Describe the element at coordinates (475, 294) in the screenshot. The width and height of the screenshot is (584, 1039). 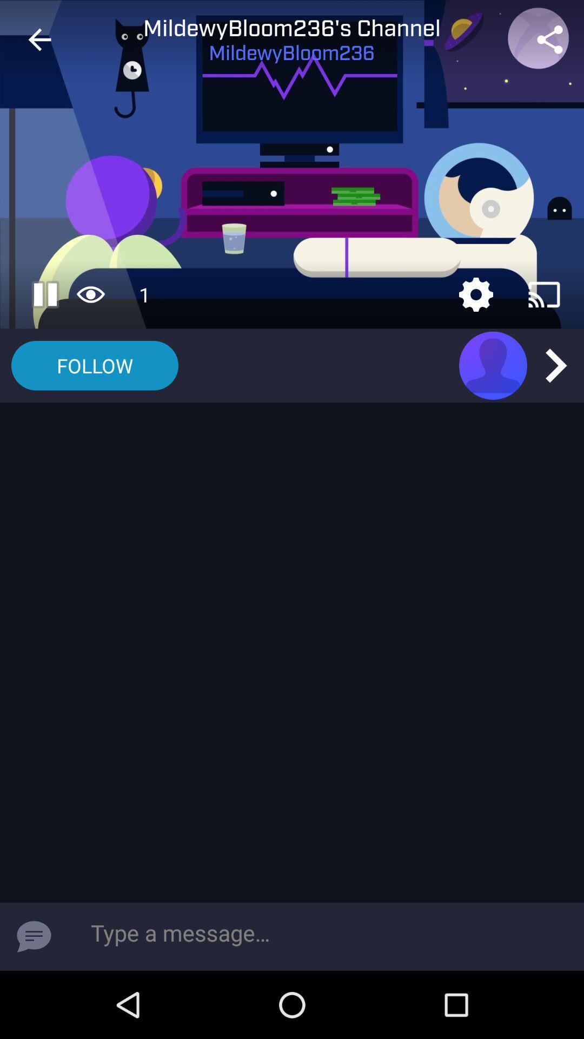
I see `settings` at that location.